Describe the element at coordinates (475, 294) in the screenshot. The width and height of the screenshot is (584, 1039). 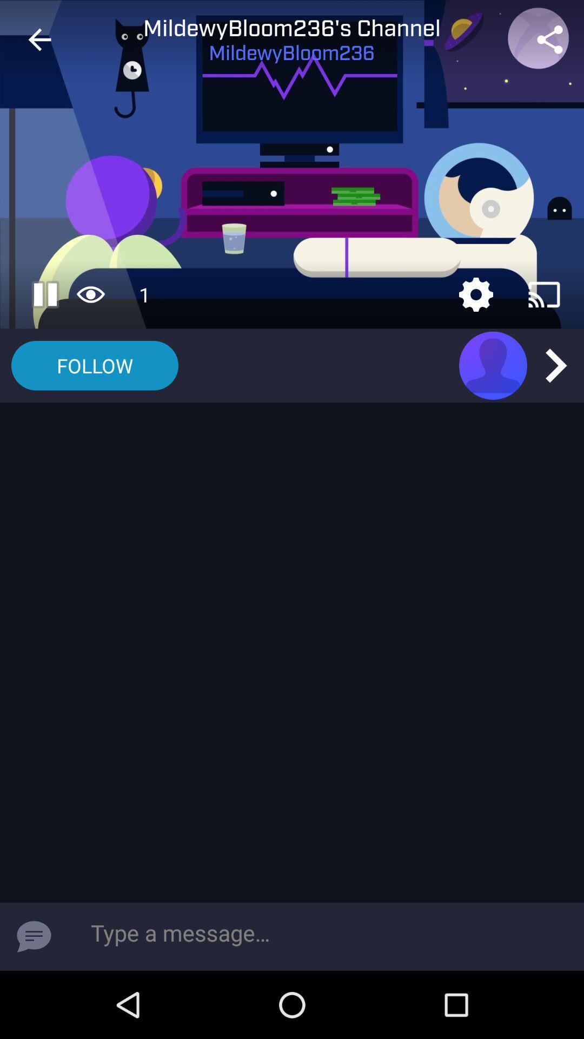
I see `settings` at that location.